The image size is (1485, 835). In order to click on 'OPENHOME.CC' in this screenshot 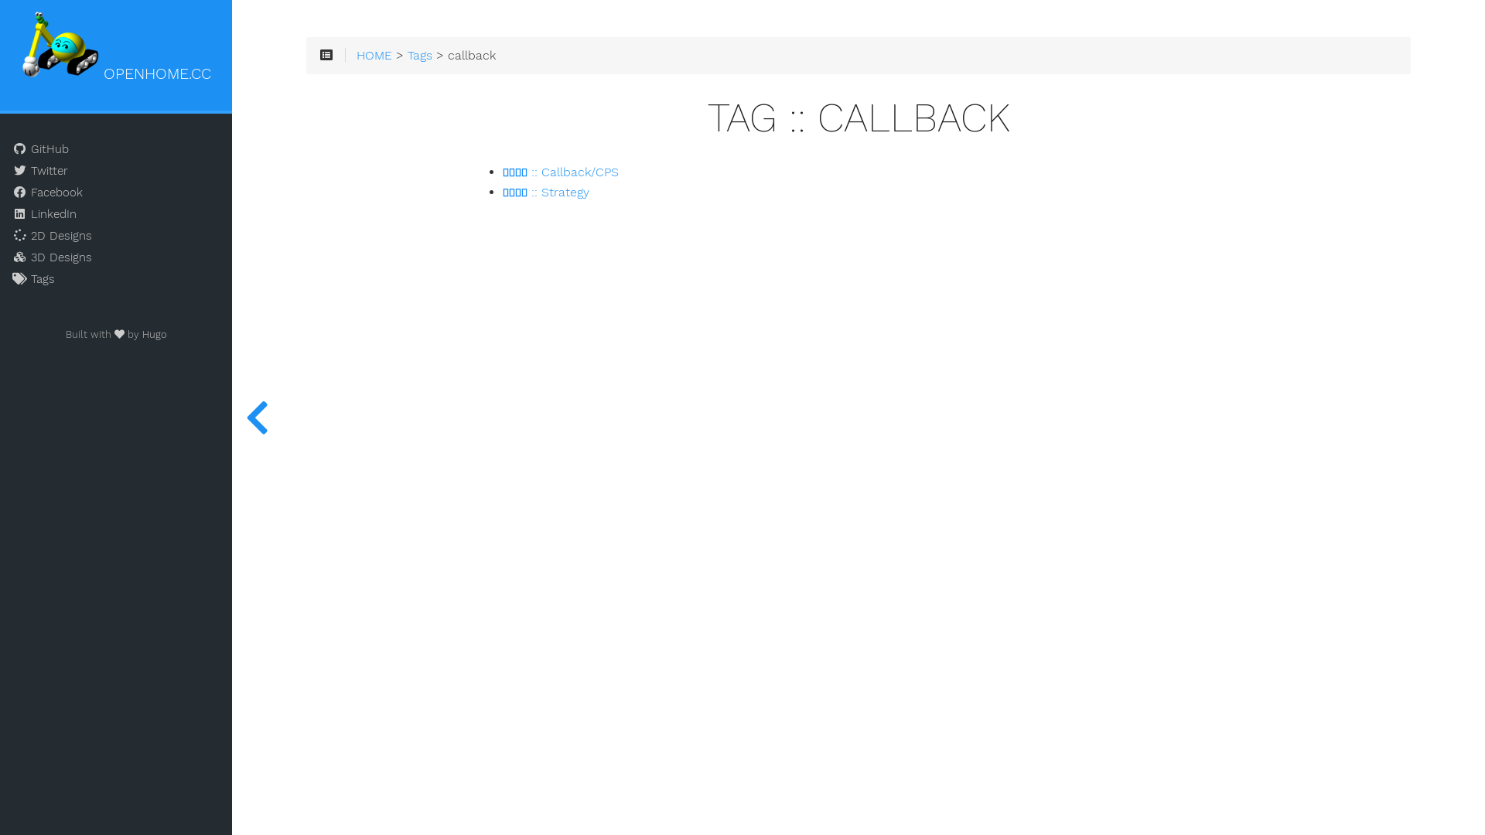, I will do `click(115, 47)`.